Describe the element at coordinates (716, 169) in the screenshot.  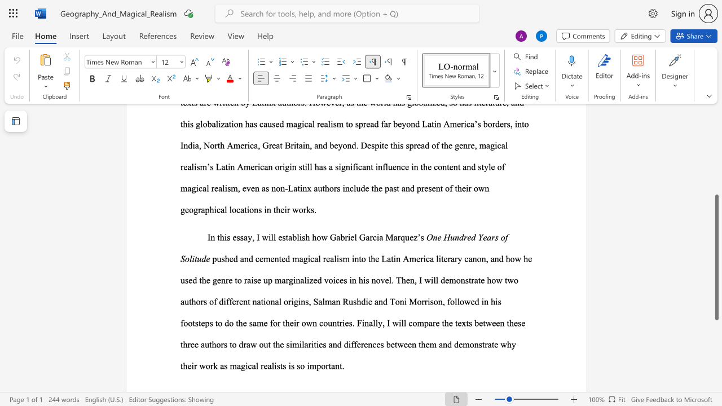
I see `the scrollbar on the right to move the page upward` at that location.